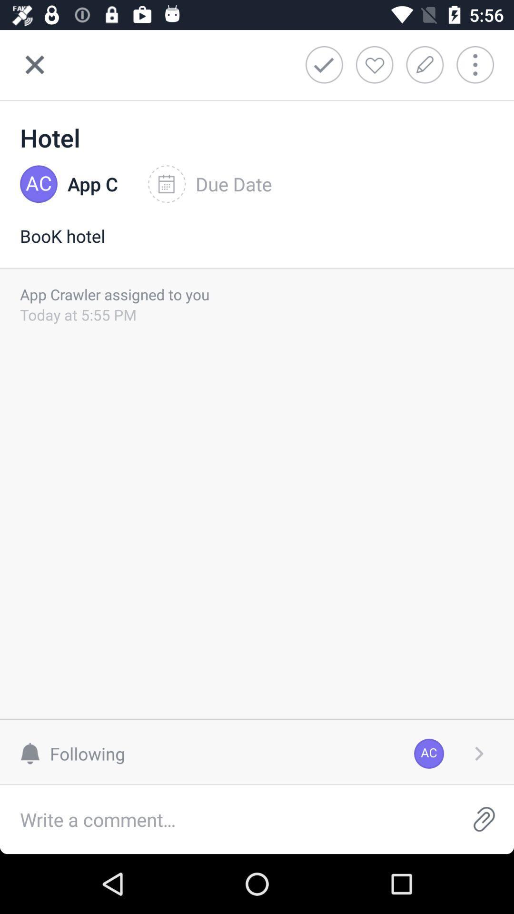 Image resolution: width=514 pixels, height=914 pixels. What do you see at coordinates (482, 64) in the screenshot?
I see `more info` at bounding box center [482, 64].